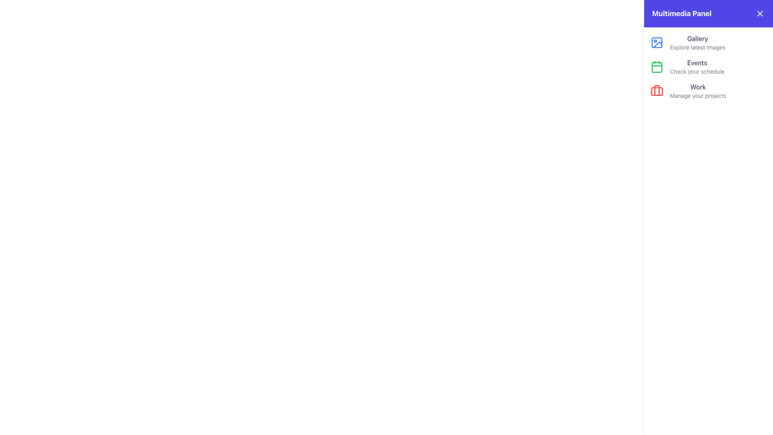 The image size is (773, 435). Describe the element at coordinates (697, 66) in the screenshot. I see `the 'Events' menu option in the sidebar` at that location.